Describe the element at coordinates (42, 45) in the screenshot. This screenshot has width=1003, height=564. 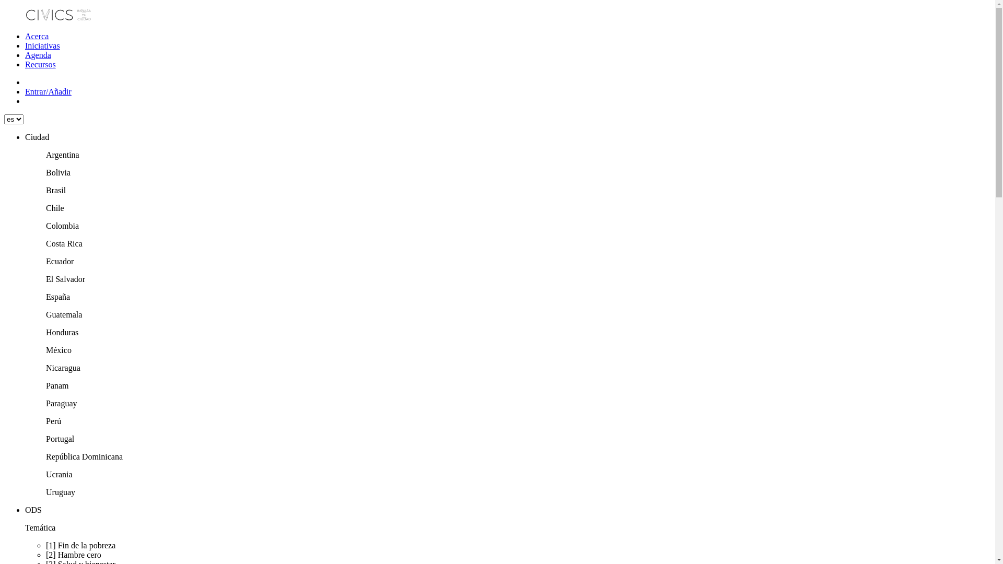
I see `'Iniciativas'` at that location.